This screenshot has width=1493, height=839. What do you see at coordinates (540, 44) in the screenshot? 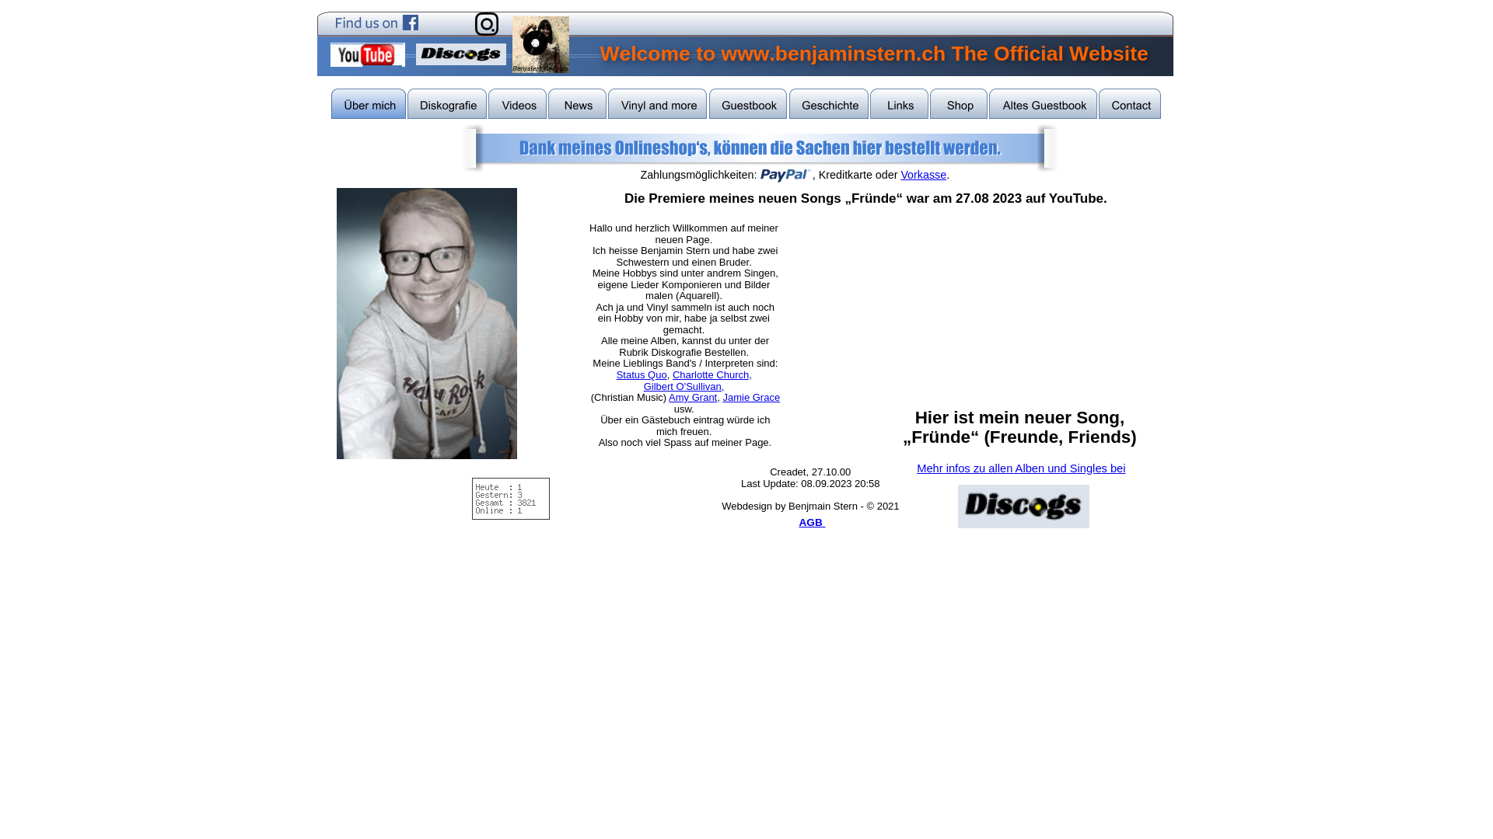
I see `'Benjistern Records'` at bounding box center [540, 44].